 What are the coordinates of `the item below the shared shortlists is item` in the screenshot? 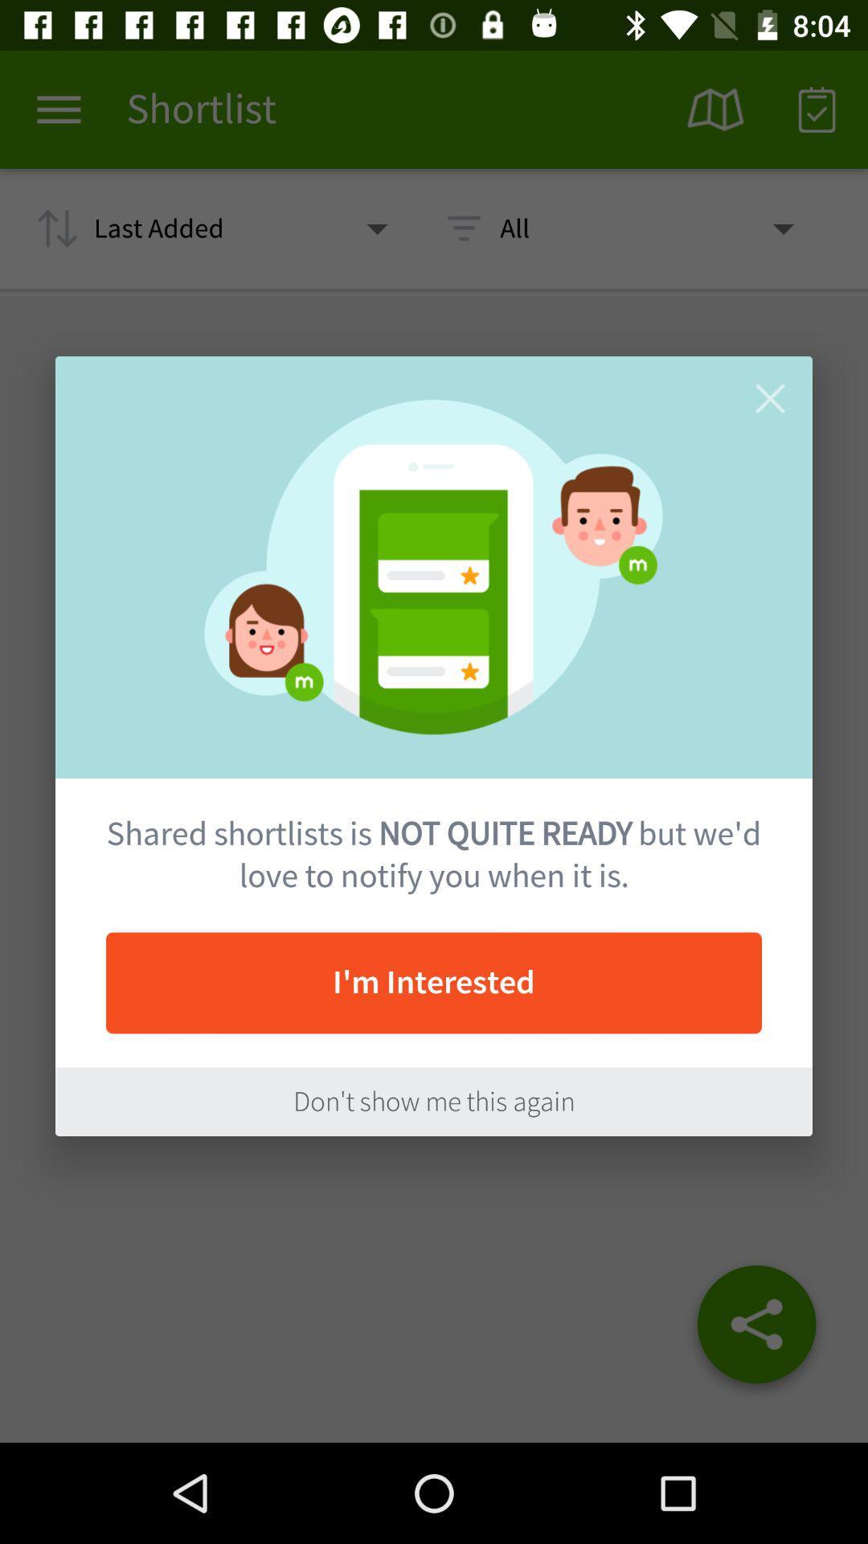 It's located at (434, 982).